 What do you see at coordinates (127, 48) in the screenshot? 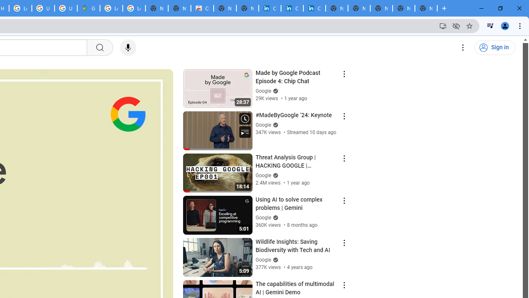
I see `'Search with your voice'` at bounding box center [127, 48].